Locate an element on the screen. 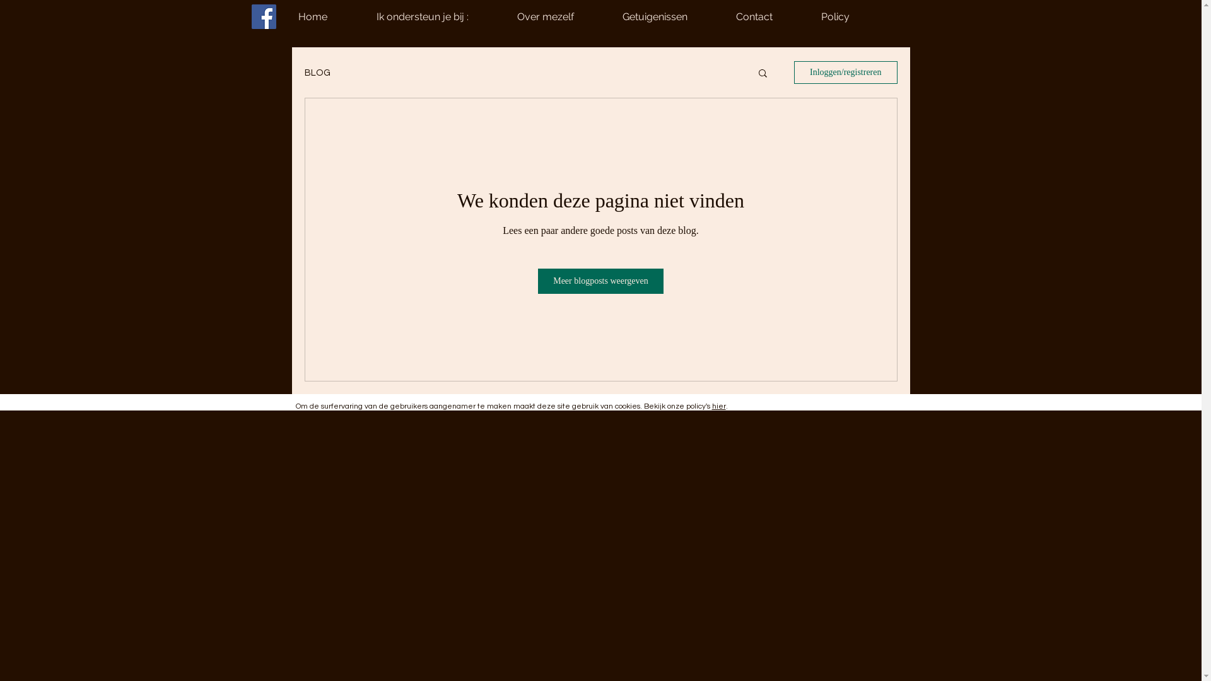 The height and width of the screenshot is (681, 1211). 'Policy' is located at coordinates (853, 16).